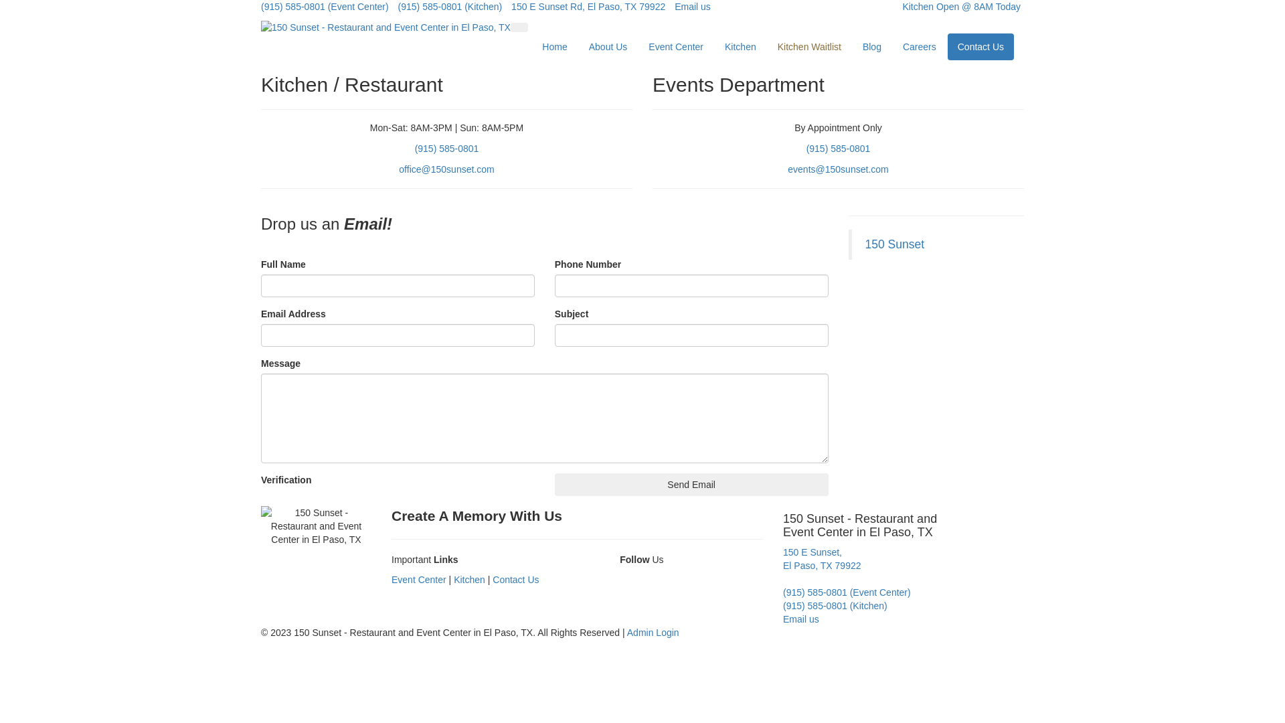 The image size is (1285, 723). Describe the element at coordinates (871, 46) in the screenshot. I see `'Blog'` at that location.